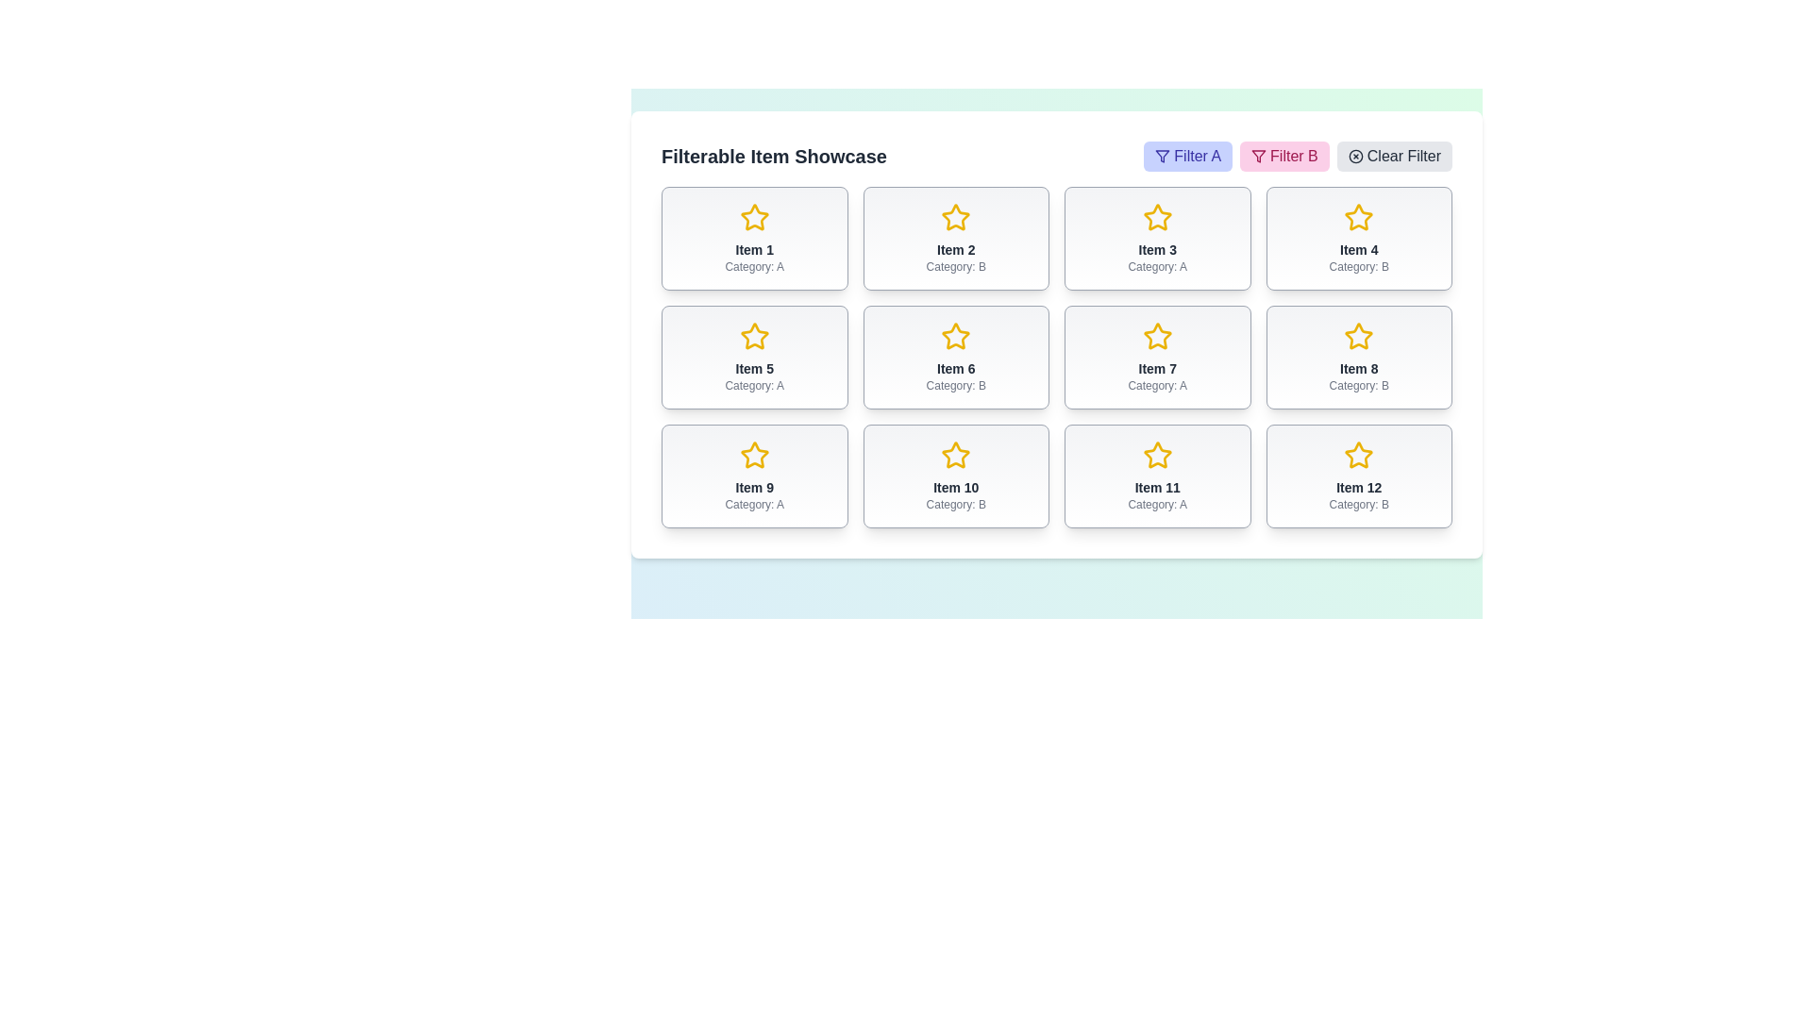 This screenshot has height=1019, width=1812. What do you see at coordinates (1156, 216) in the screenshot?
I see `the hollow yellow bordered star icon located in the 3rd position of the first row in the 'Filterable Item Showcase' section, specifically associated with 'Item 3 Category: A'` at bounding box center [1156, 216].